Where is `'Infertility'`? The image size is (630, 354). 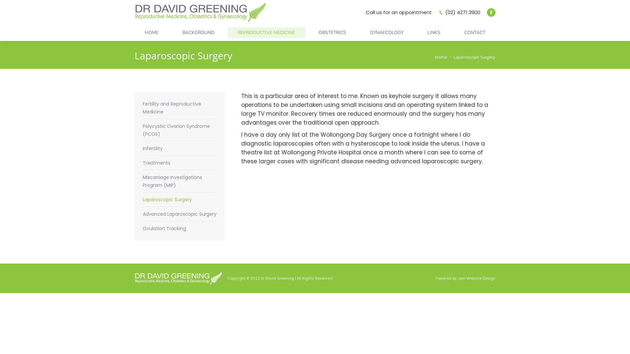 'Infertility' is located at coordinates (152, 148).